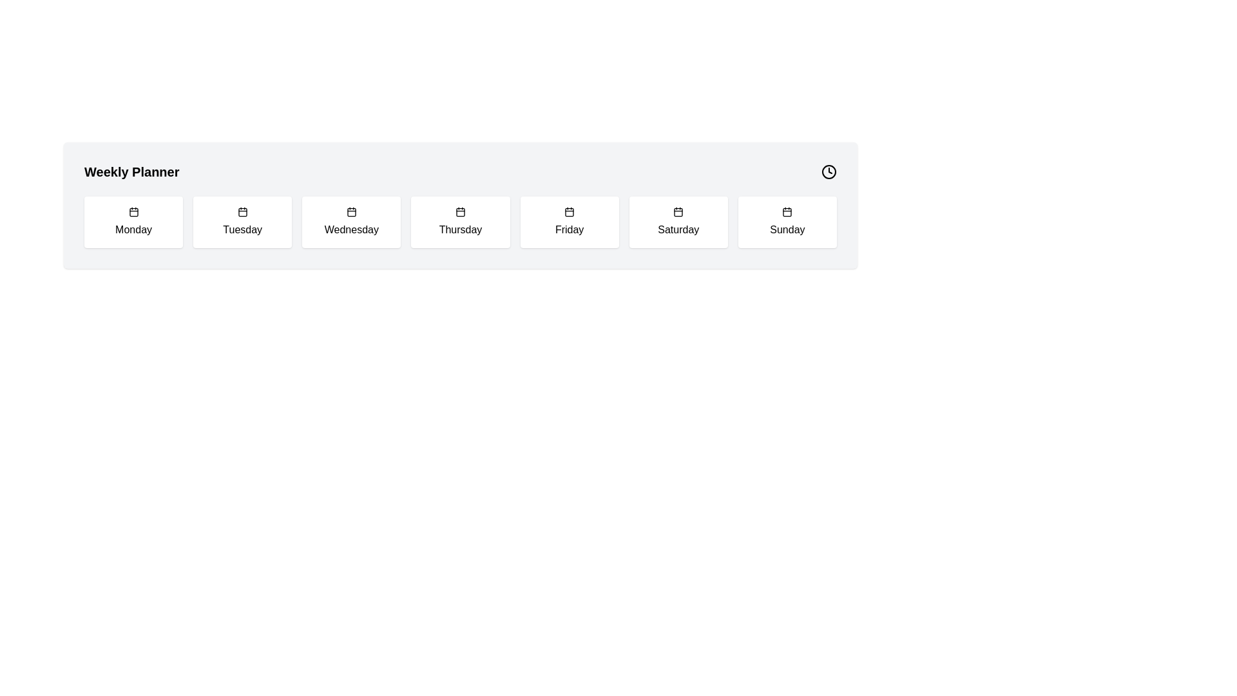 This screenshot has height=696, width=1237. What do you see at coordinates (461, 221) in the screenshot?
I see `the grid layout containing clickable day cards` at bounding box center [461, 221].